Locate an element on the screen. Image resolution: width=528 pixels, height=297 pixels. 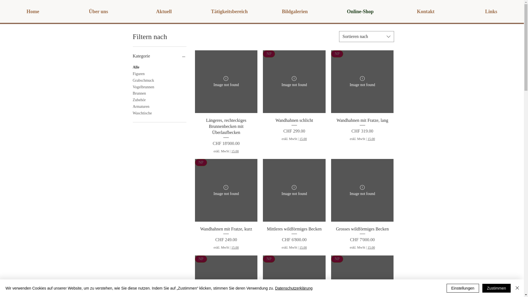
'Wandhahnen mit Fratze, kurz is located at coordinates (195, 190).